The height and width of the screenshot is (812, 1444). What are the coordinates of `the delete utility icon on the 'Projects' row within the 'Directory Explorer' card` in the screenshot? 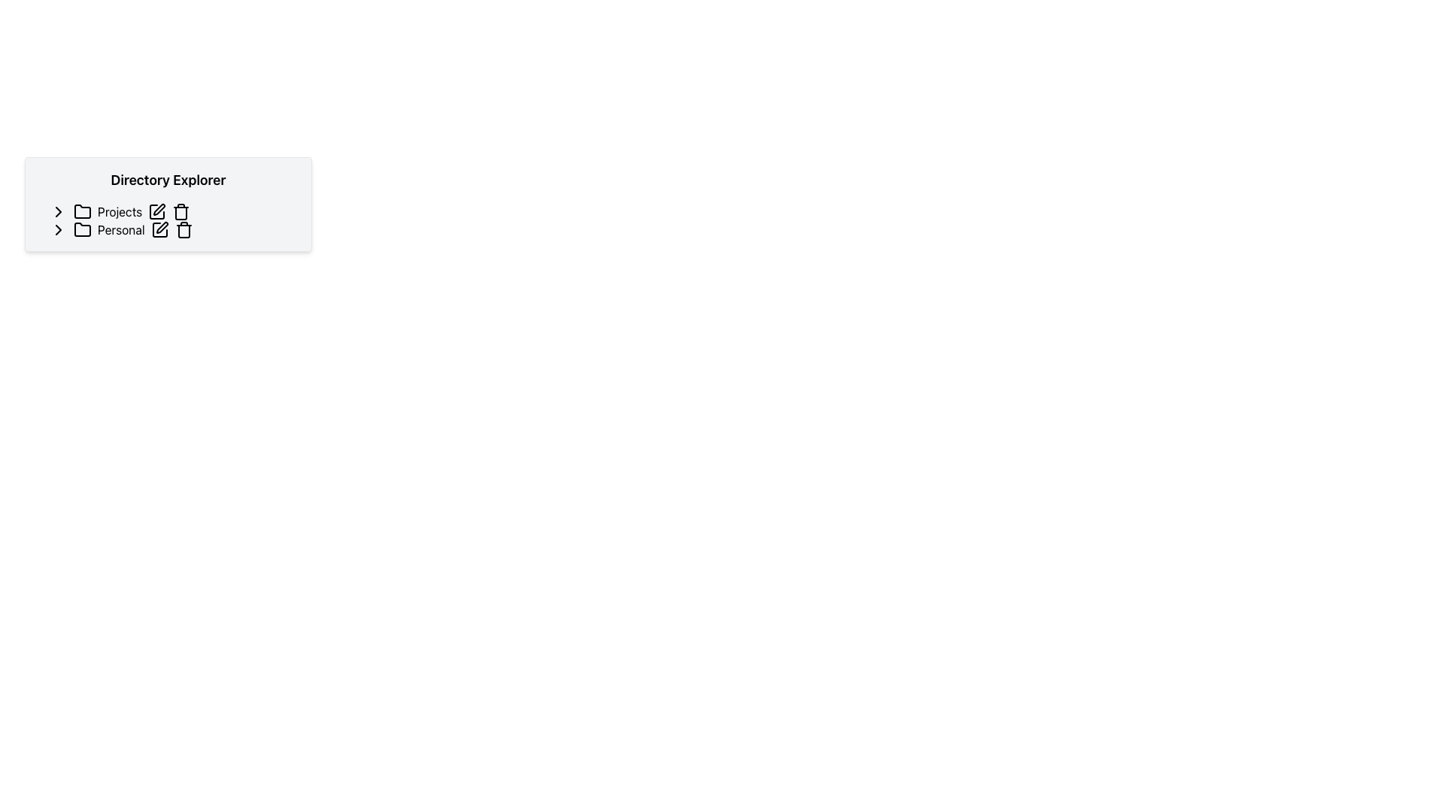 It's located at (174, 211).